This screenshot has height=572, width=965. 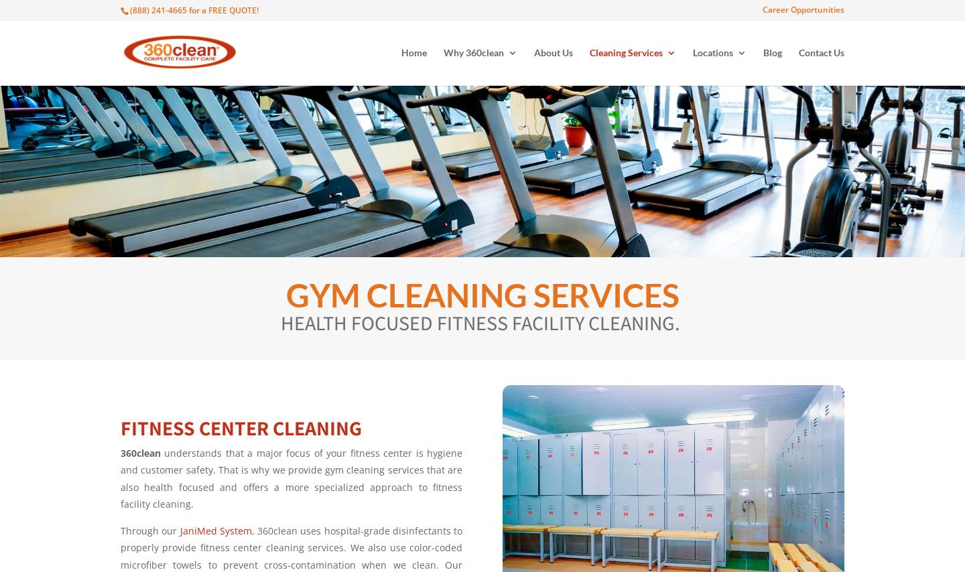 What do you see at coordinates (817, 409) in the screenshot?
I see `'Floor Care Services'` at bounding box center [817, 409].